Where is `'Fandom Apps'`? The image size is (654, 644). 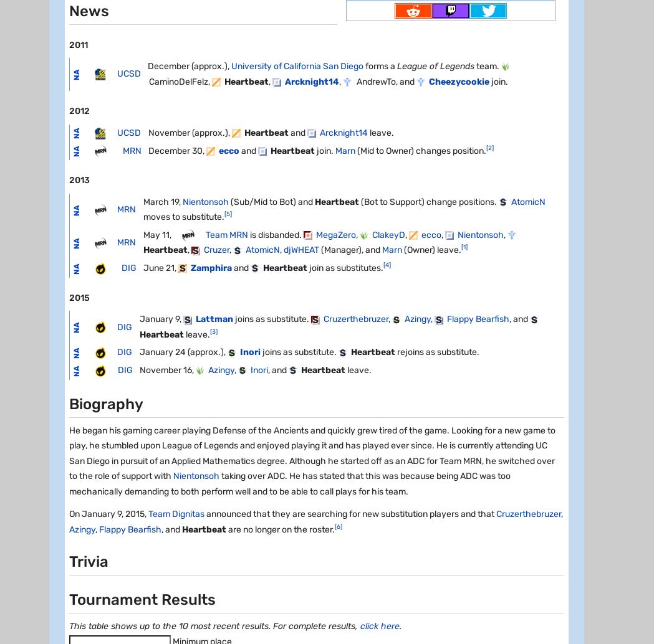
'Fandom Apps' is located at coordinates (80, 511).